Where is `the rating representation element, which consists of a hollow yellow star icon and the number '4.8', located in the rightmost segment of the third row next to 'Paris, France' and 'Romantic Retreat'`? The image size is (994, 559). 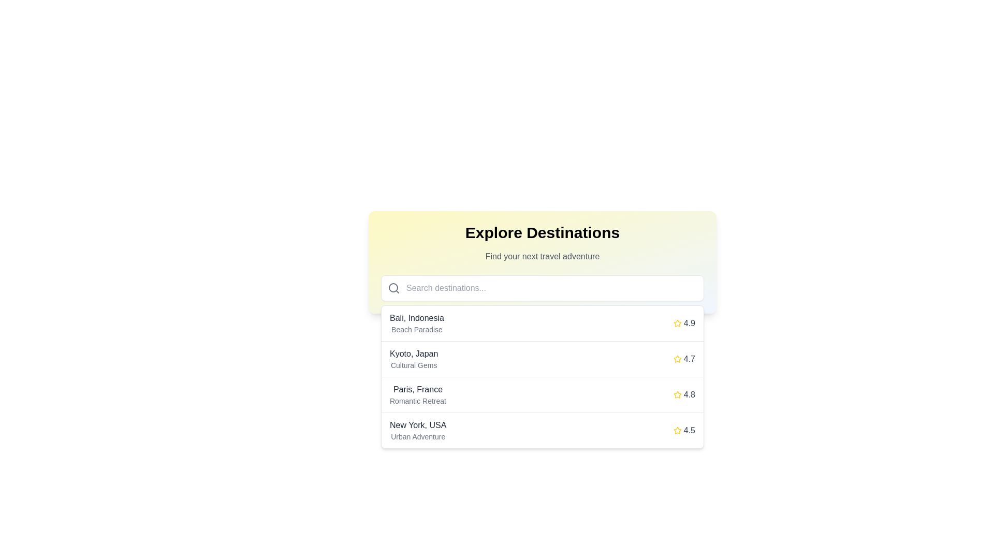 the rating representation element, which consists of a hollow yellow star icon and the number '4.8', located in the rightmost segment of the third row next to 'Paris, France' and 'Romantic Retreat' is located at coordinates (684, 395).